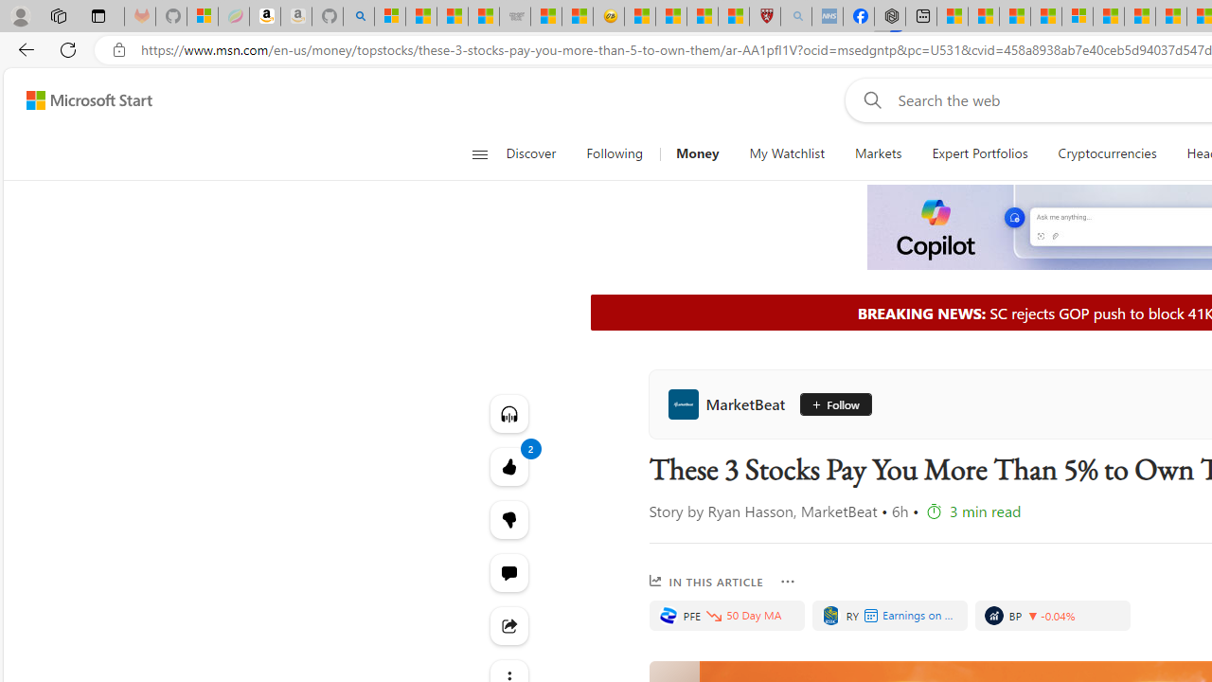 The height and width of the screenshot is (682, 1212). What do you see at coordinates (867, 99) in the screenshot?
I see `'Web search'` at bounding box center [867, 99].